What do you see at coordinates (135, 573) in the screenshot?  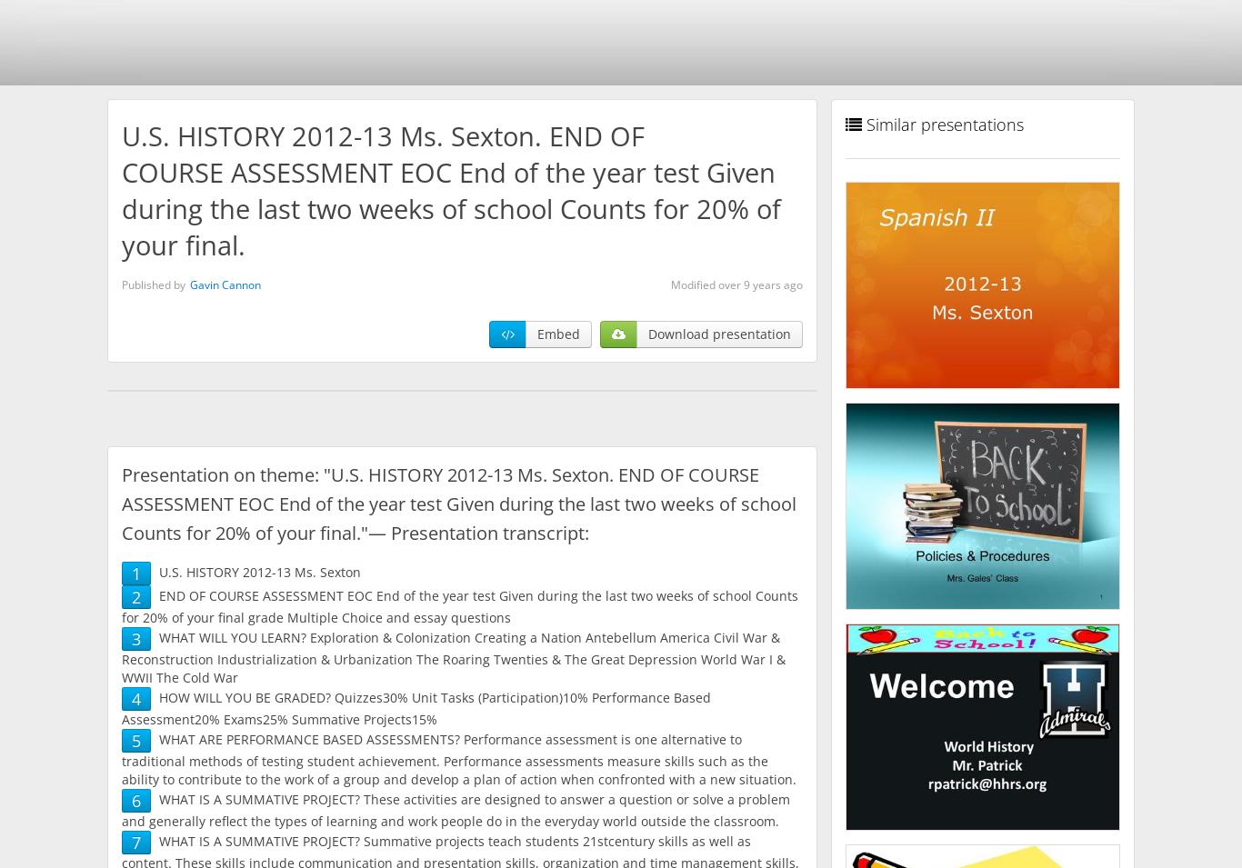 I see `'1'` at bounding box center [135, 573].